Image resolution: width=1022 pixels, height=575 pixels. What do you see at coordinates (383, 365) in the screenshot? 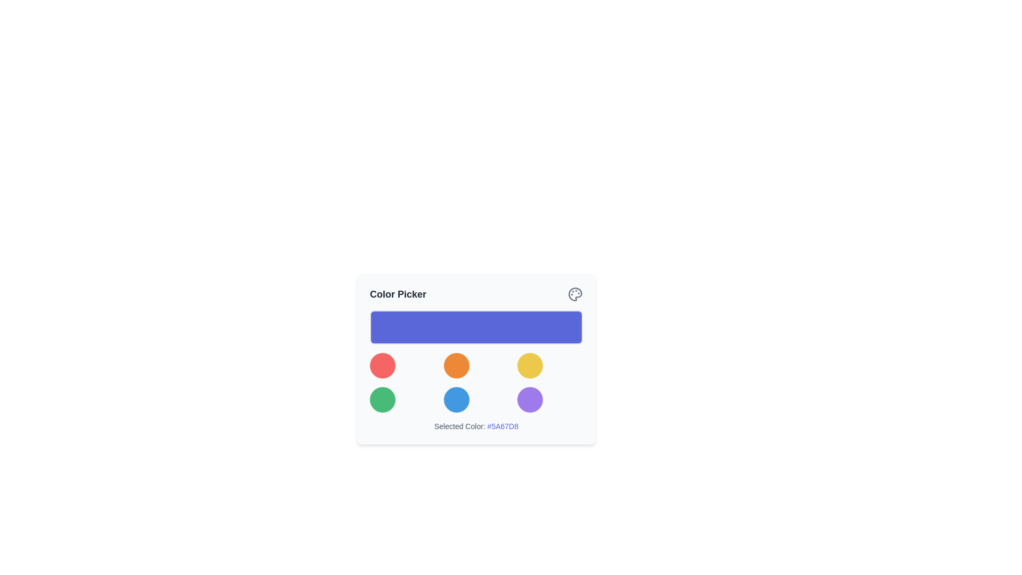
I see `the top-left button in the color picker tool` at bounding box center [383, 365].